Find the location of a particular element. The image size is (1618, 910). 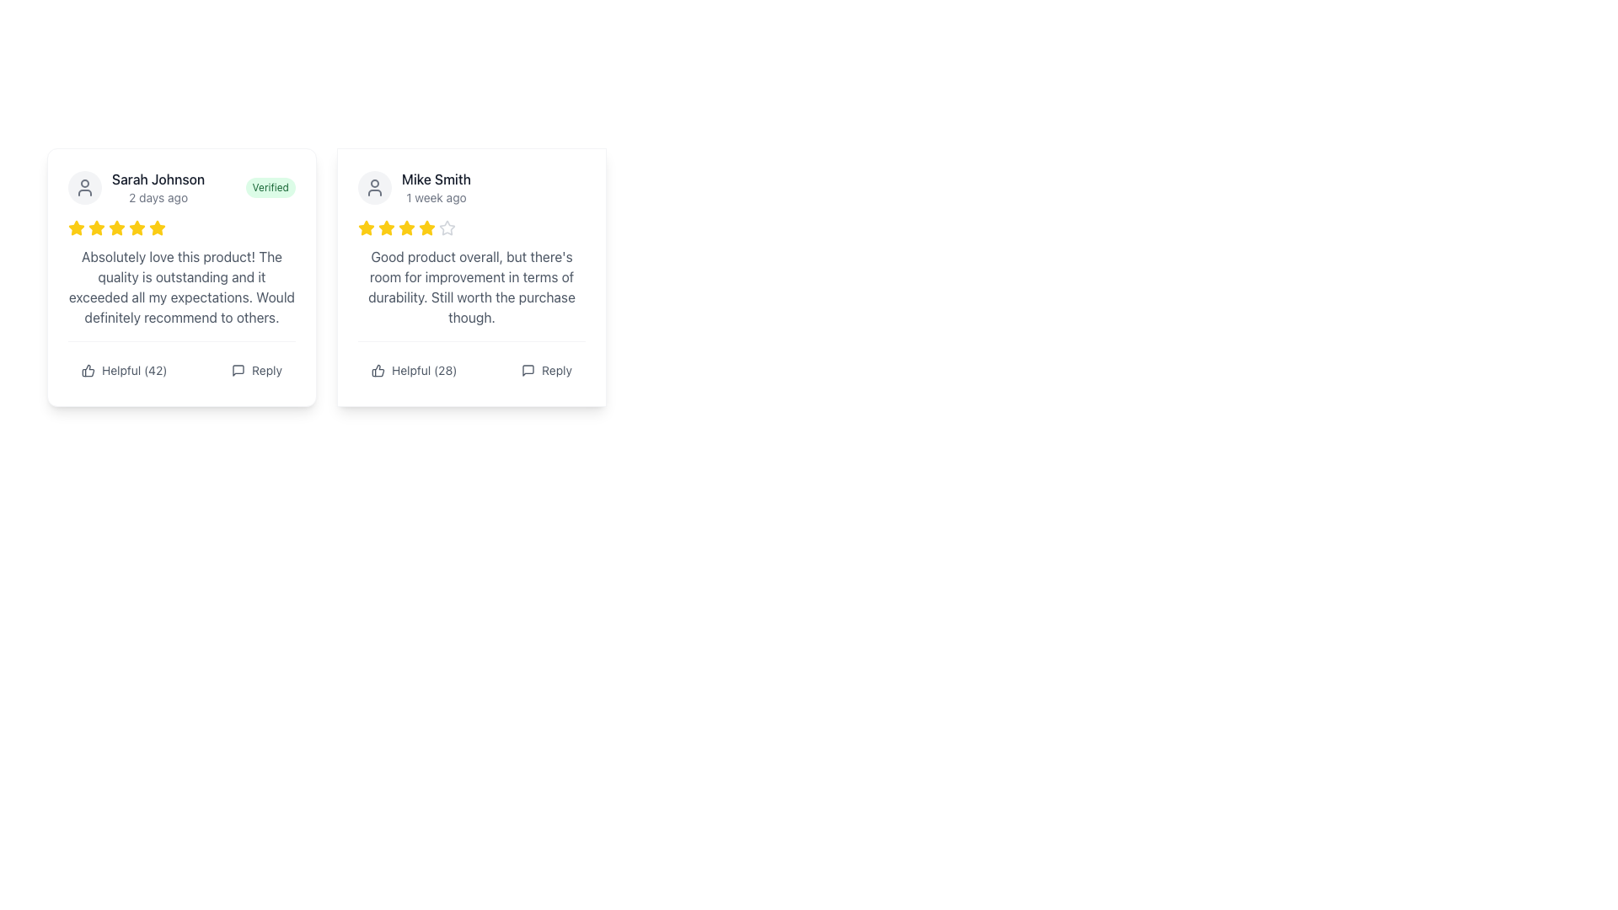

the thumbs-up SVG icon to like the review, located to the left of the text 'Helpful (42)' within the review card structure is located at coordinates (88, 369).